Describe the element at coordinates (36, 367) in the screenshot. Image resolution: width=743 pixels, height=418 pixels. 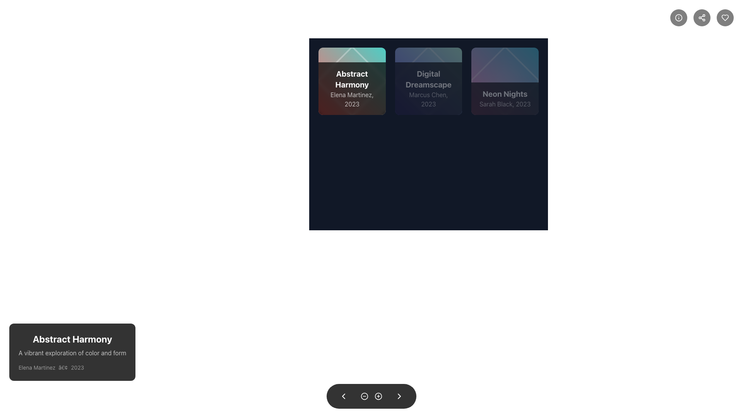
I see `the text displaying the author's name 'Elena Martinez' located at the bottom left of the 'Abstract Harmony' card` at that location.